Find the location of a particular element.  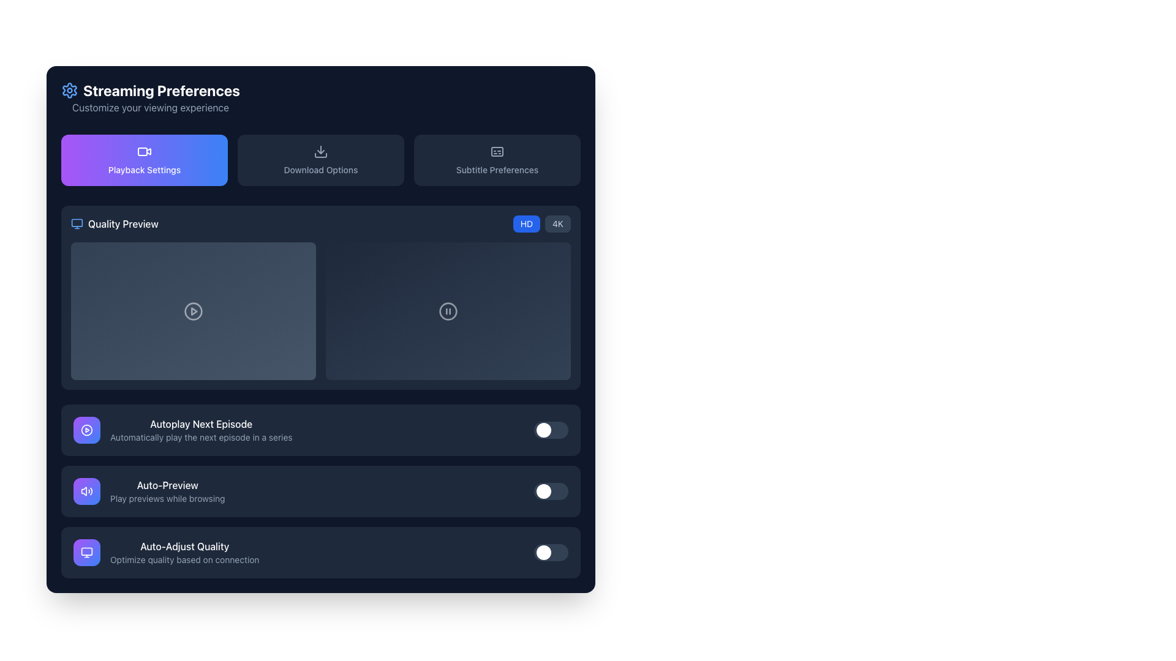

the settings icon located on the left-hand side of the top section of the settings interface, which serves as a navigational aid for accessing options or preferences is located at coordinates (69, 89).